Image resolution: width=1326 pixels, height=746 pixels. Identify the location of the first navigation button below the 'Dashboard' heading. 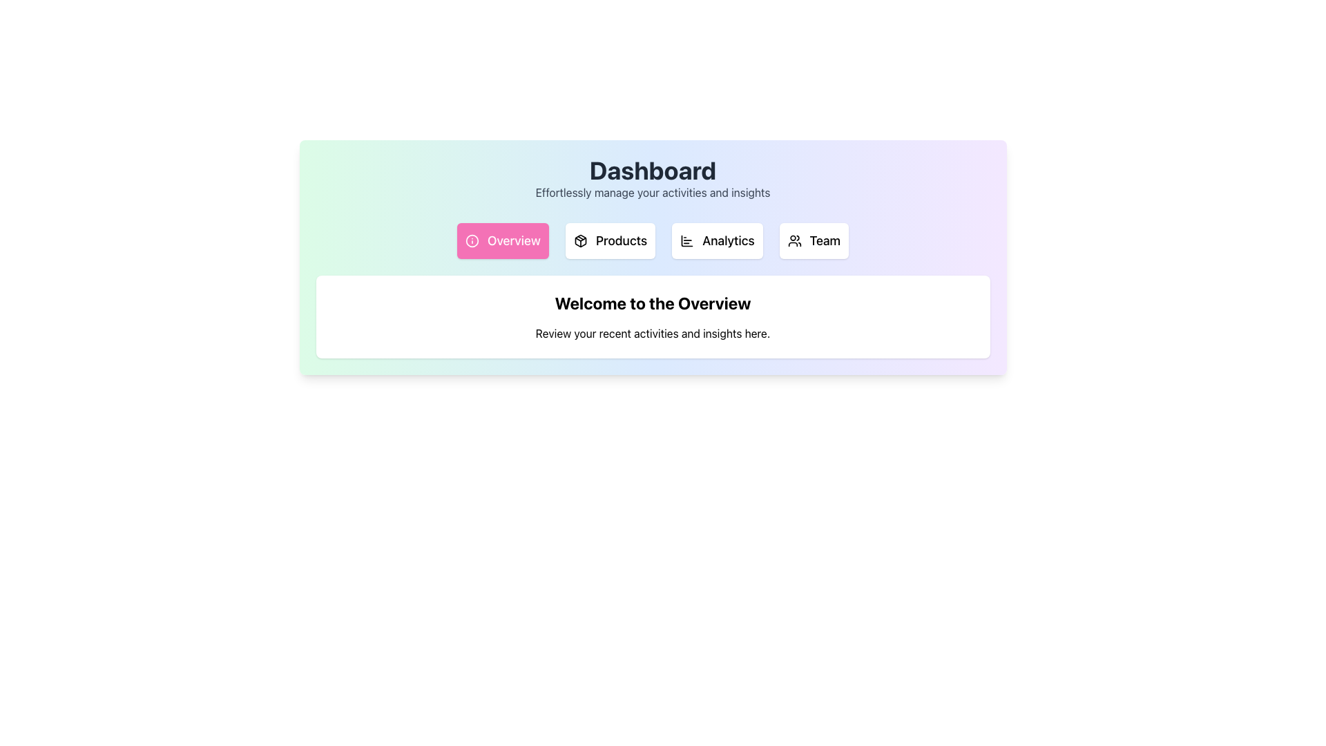
(502, 240).